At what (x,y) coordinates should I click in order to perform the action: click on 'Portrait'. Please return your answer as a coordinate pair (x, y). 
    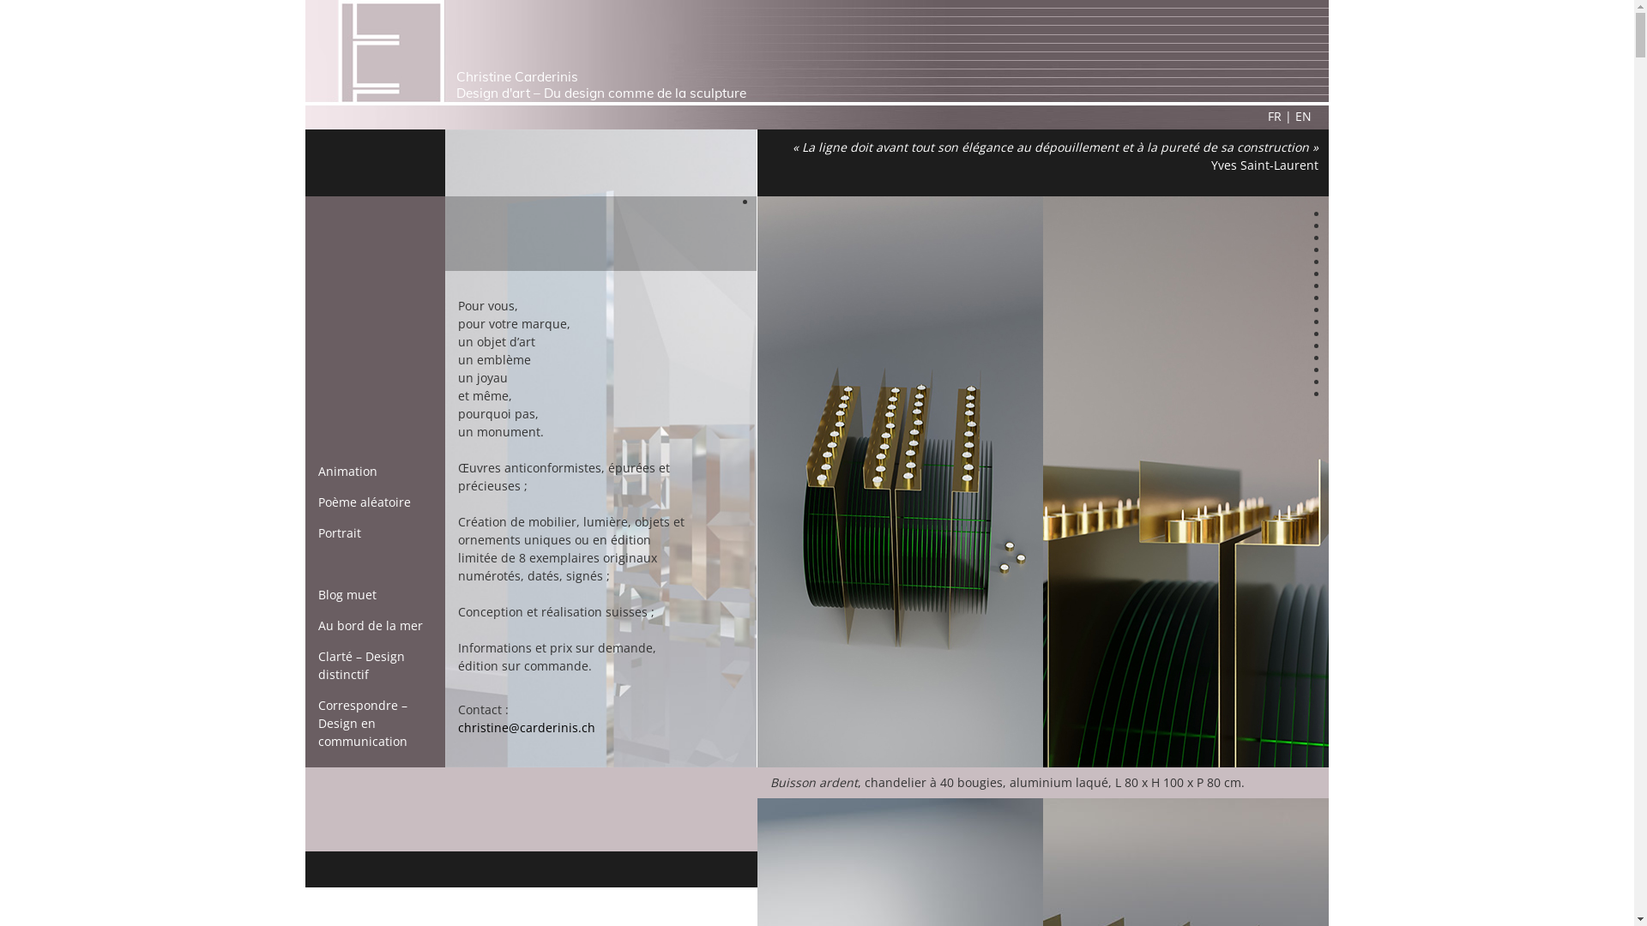
    Looking at the image, I should click on (339, 532).